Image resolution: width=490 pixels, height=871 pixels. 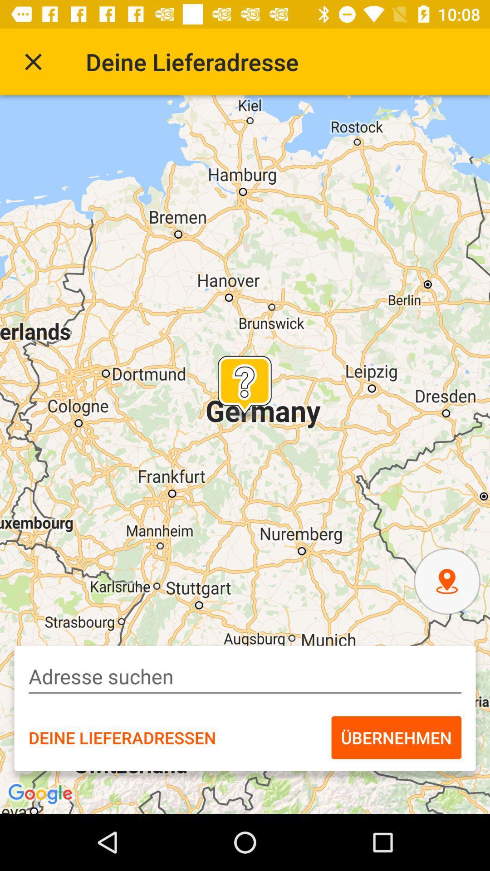 I want to click on the deine lieferadressen, so click(x=122, y=738).